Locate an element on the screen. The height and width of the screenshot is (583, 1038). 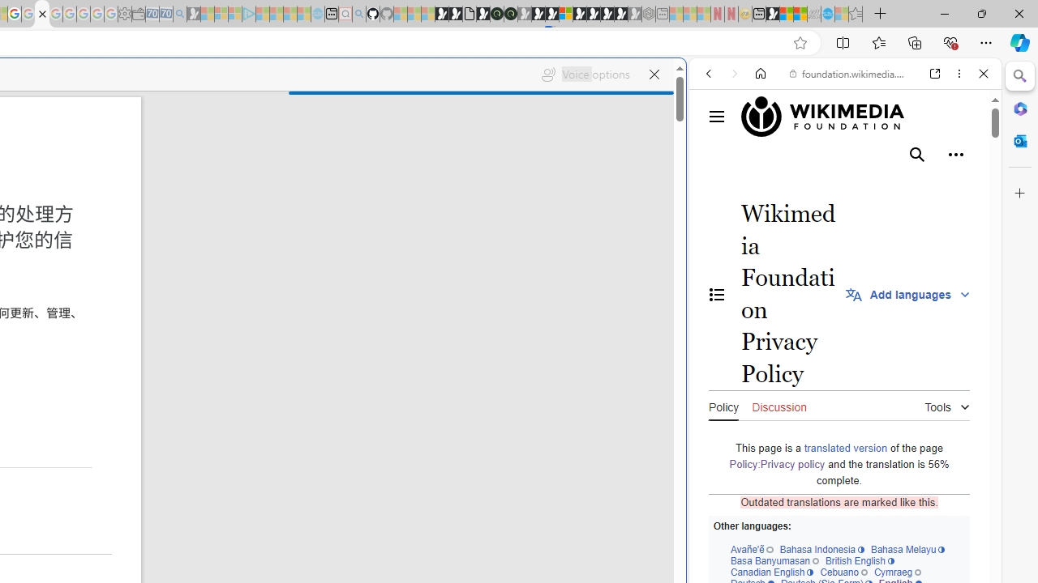
'Bahasa Melayu' is located at coordinates (907, 548).